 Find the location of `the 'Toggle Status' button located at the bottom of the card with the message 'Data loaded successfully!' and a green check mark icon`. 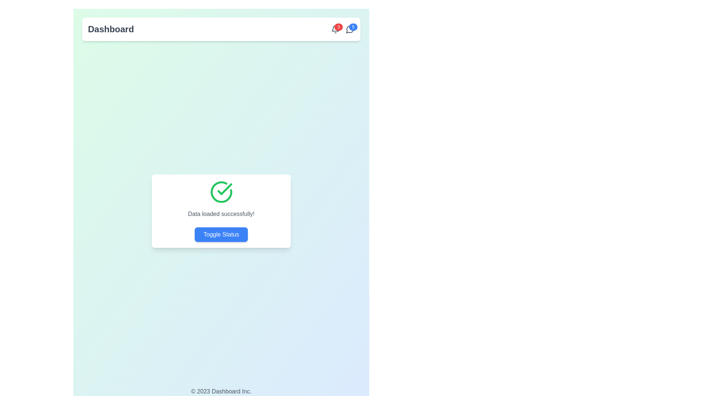

the 'Toggle Status' button located at the bottom of the card with the message 'Data loaded successfully!' and a green check mark icon is located at coordinates (221, 235).